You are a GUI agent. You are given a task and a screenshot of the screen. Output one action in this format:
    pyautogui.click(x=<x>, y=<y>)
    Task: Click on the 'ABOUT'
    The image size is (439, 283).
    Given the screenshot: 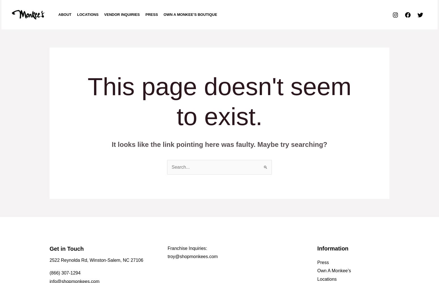 What is the action you would take?
    pyautogui.click(x=64, y=14)
    